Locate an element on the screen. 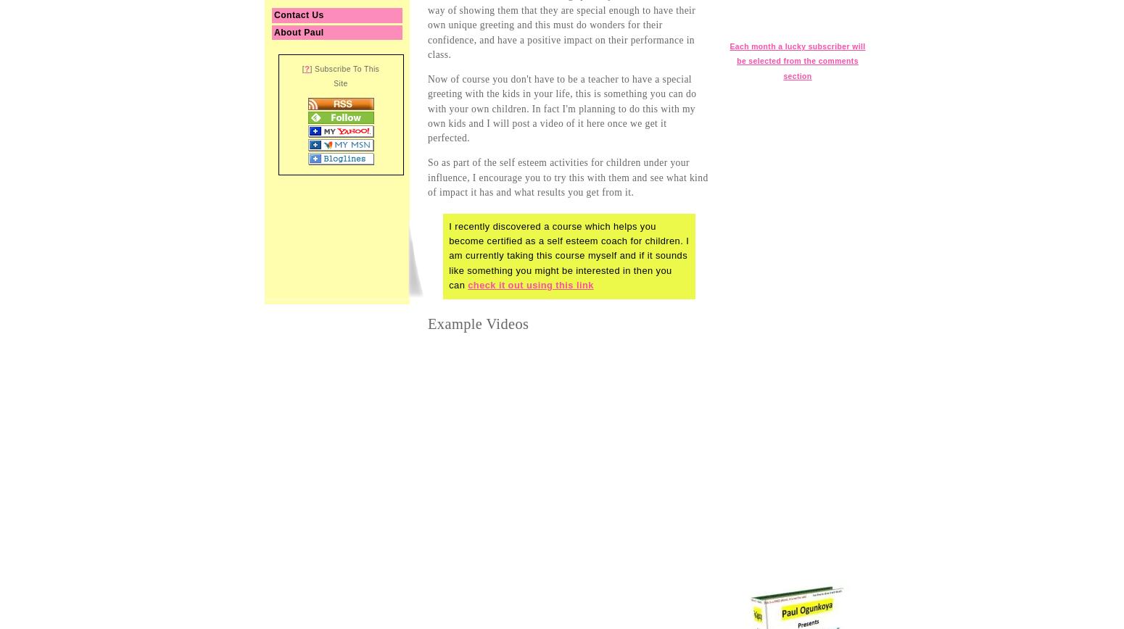  'About Paul' is located at coordinates (298, 32).